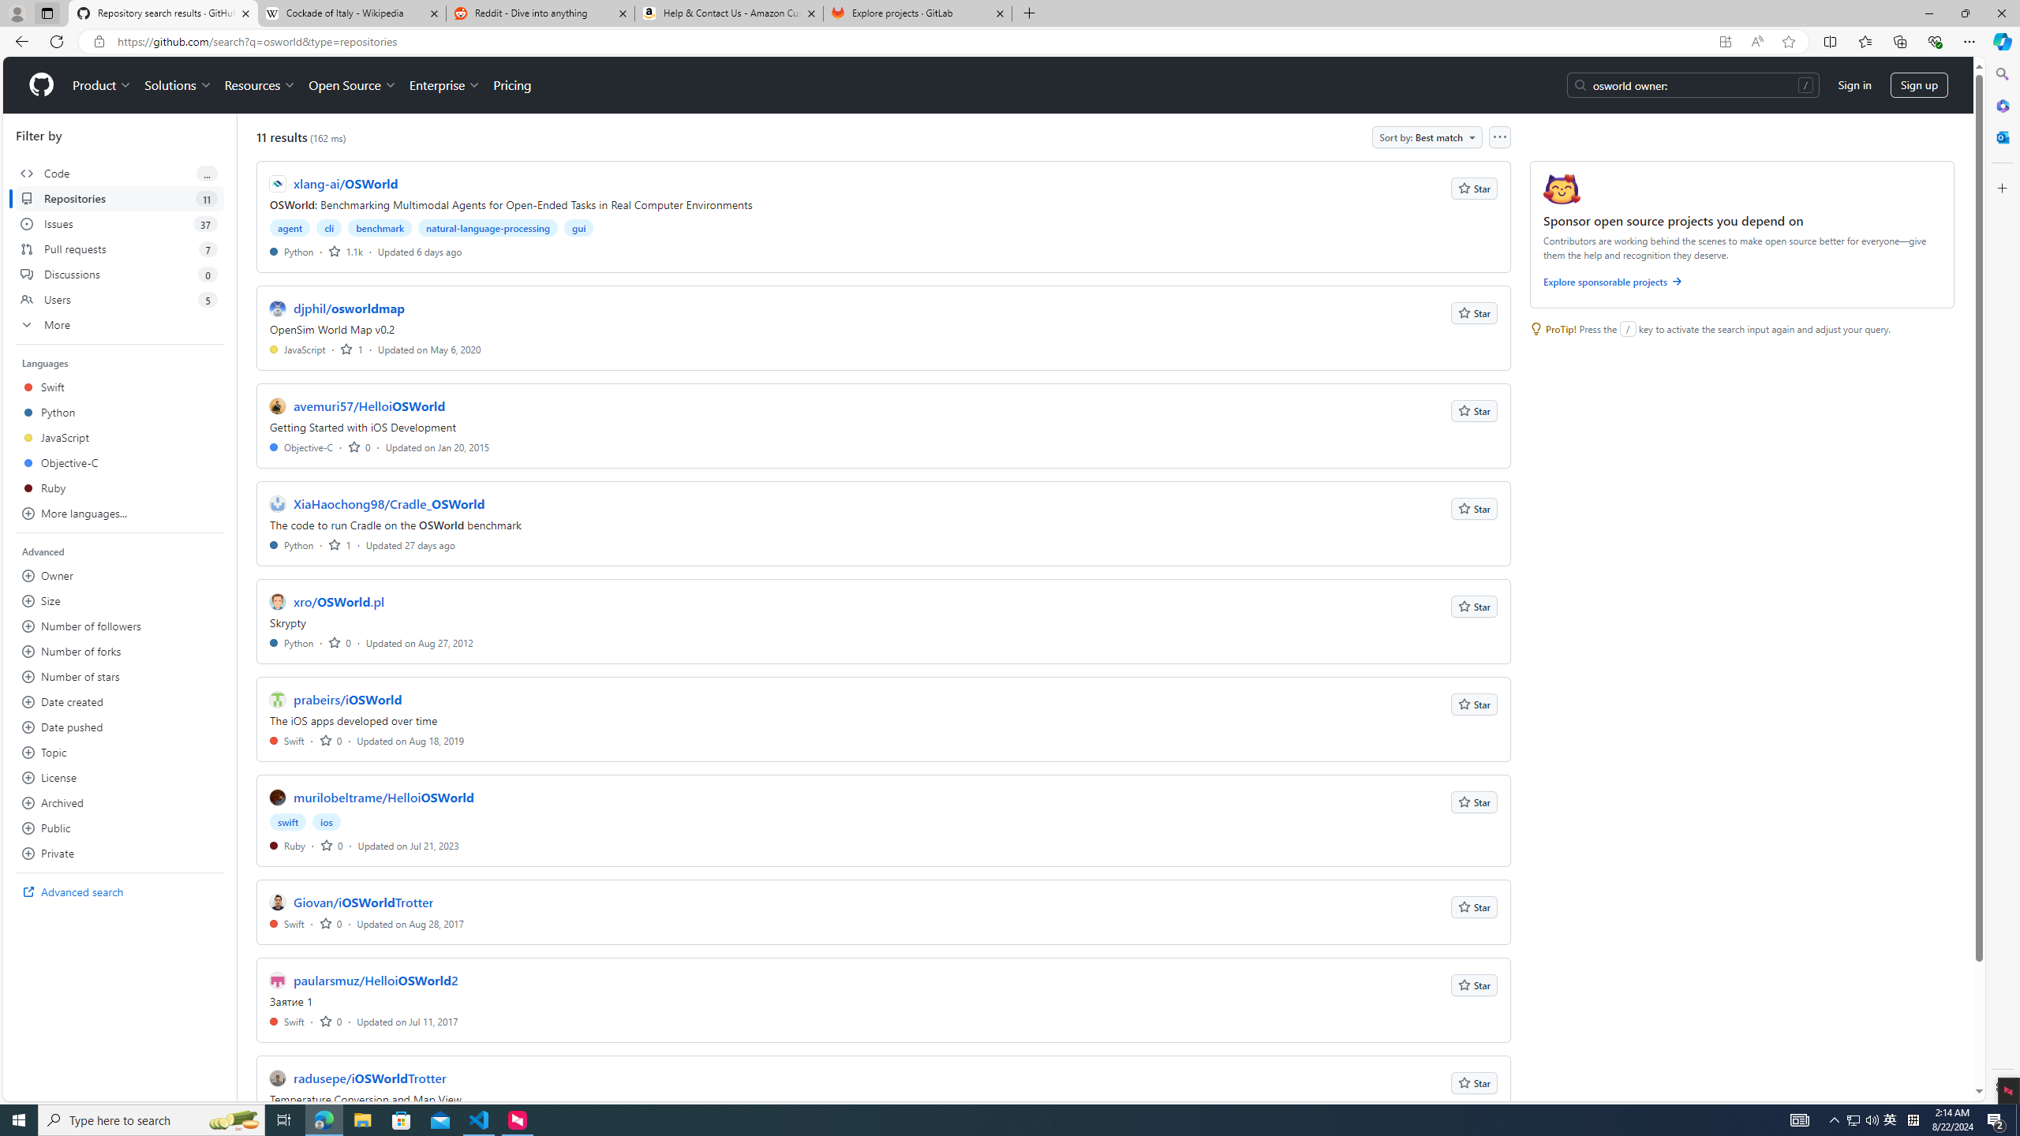 The height and width of the screenshot is (1136, 2020). What do you see at coordinates (350, 13) in the screenshot?
I see `'Cockade of Italy - Wikipedia'` at bounding box center [350, 13].